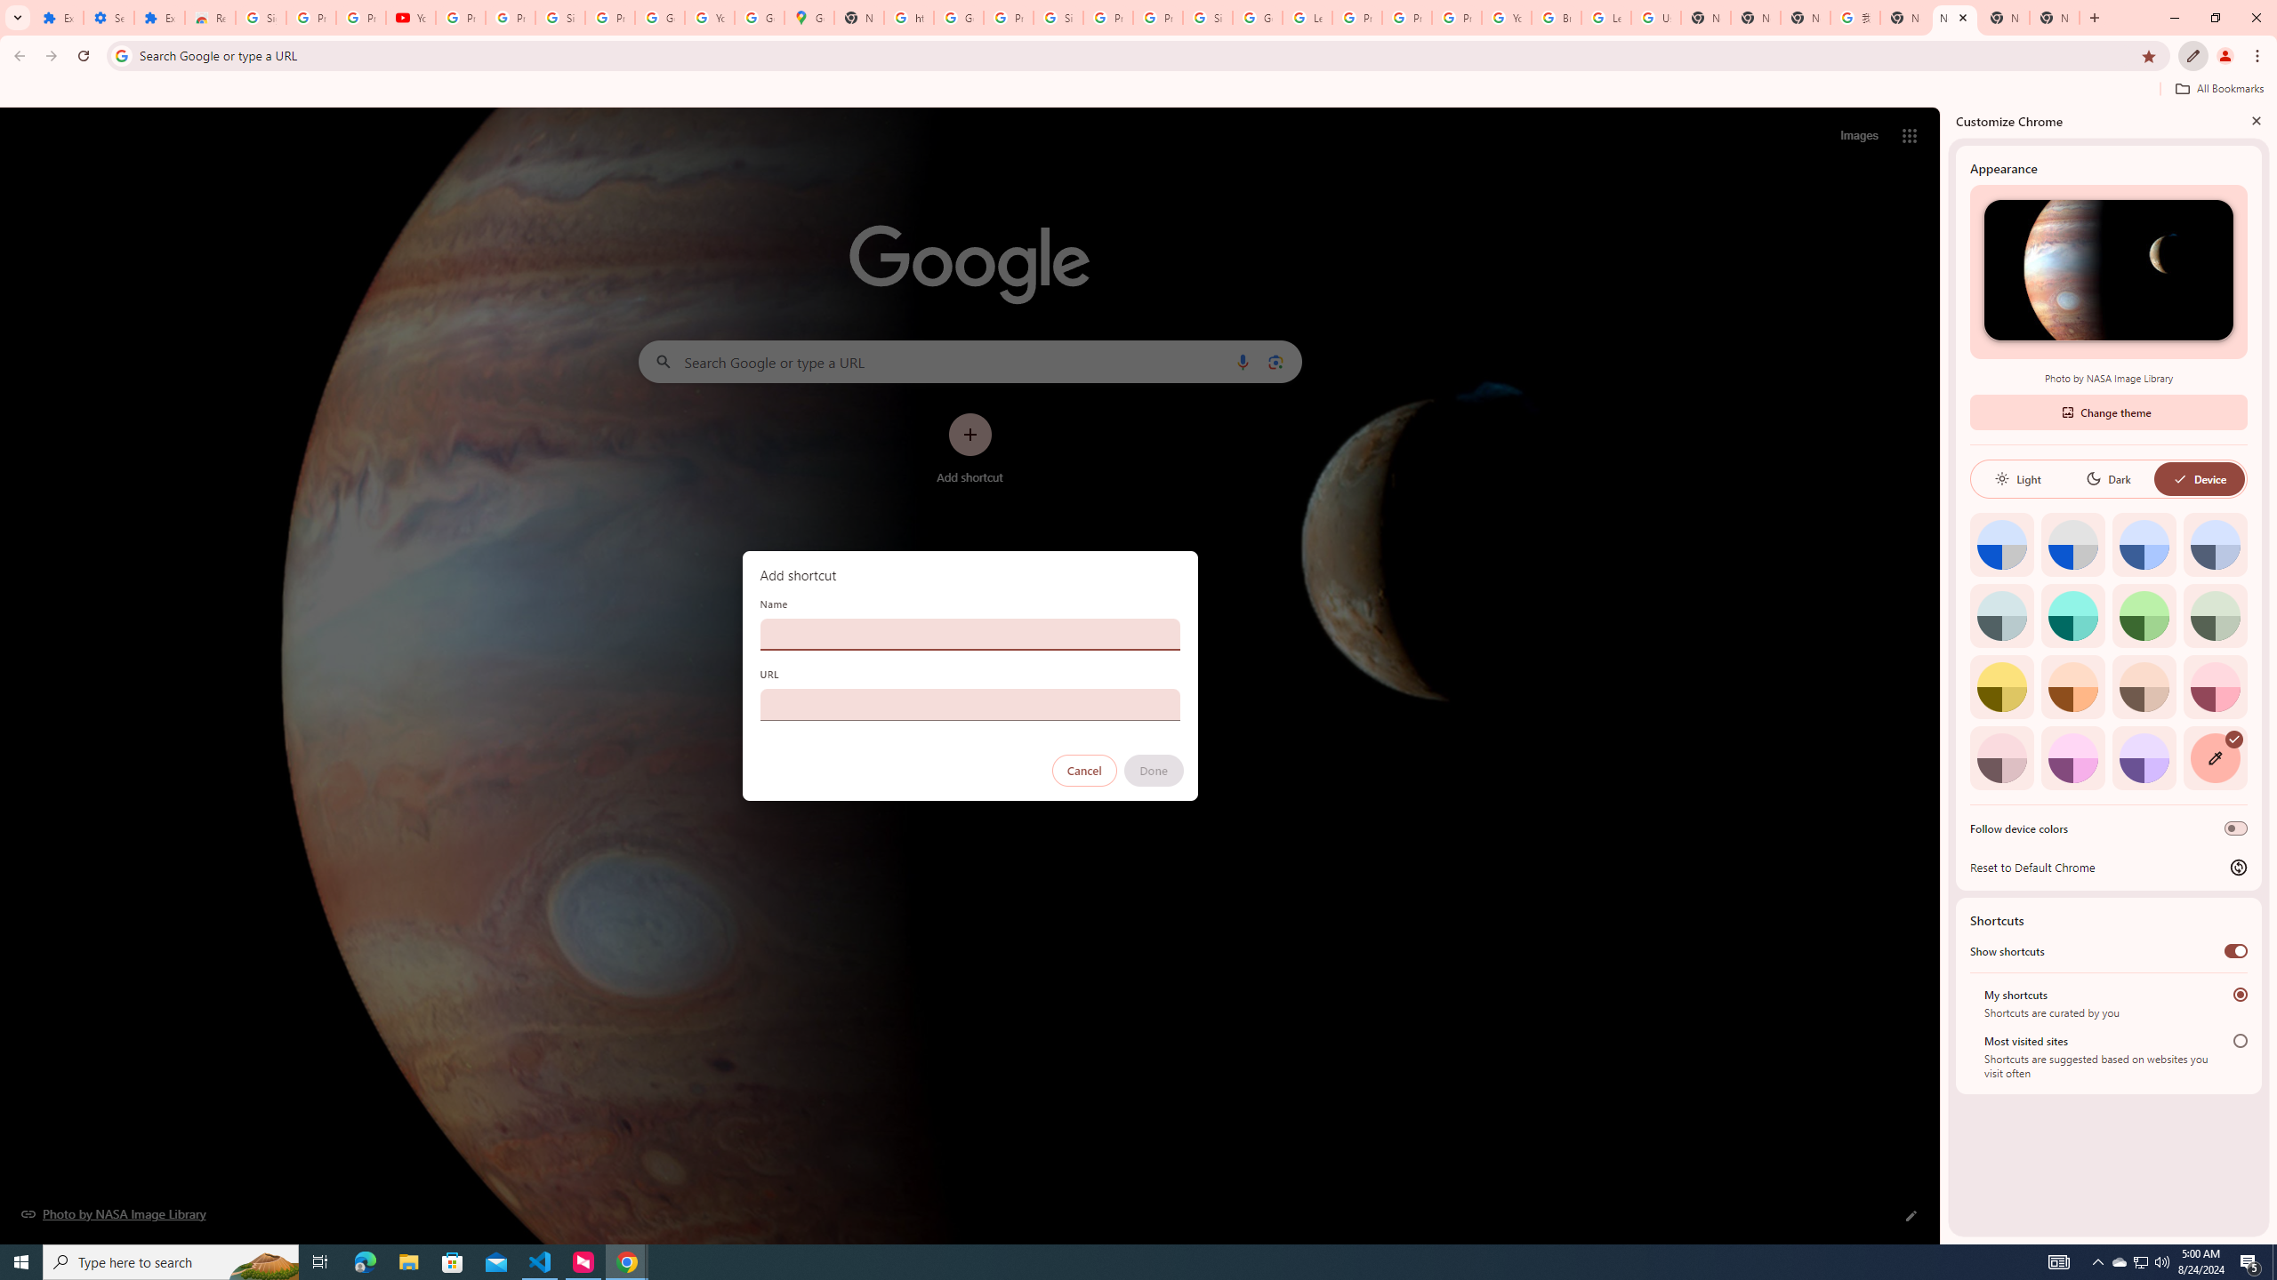 This screenshot has width=2277, height=1280. I want to click on 'Custom color', so click(2215, 756).